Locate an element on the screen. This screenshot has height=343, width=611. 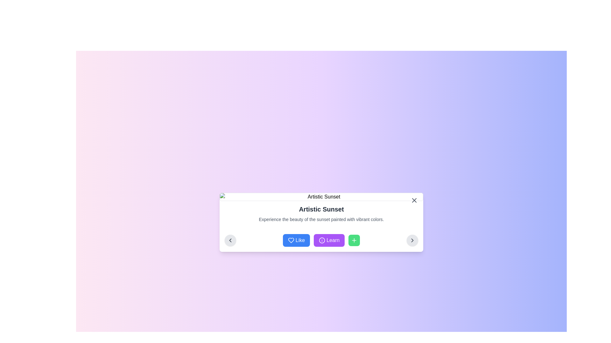
the green 'Add' button with a plus sign, positioned to the right of the 'Like' and 'Learn' buttons, to observe the color change is located at coordinates (354, 240).